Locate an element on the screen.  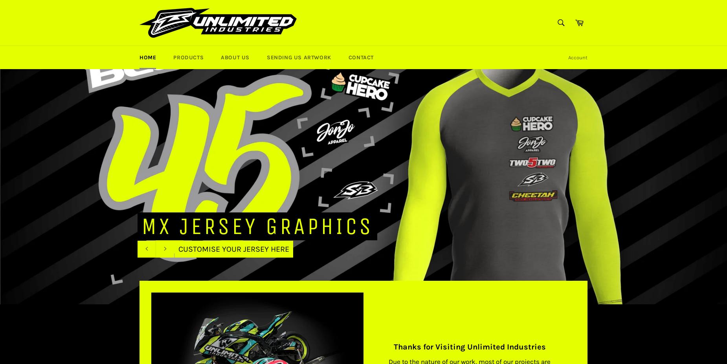
'Home' is located at coordinates (139, 57).